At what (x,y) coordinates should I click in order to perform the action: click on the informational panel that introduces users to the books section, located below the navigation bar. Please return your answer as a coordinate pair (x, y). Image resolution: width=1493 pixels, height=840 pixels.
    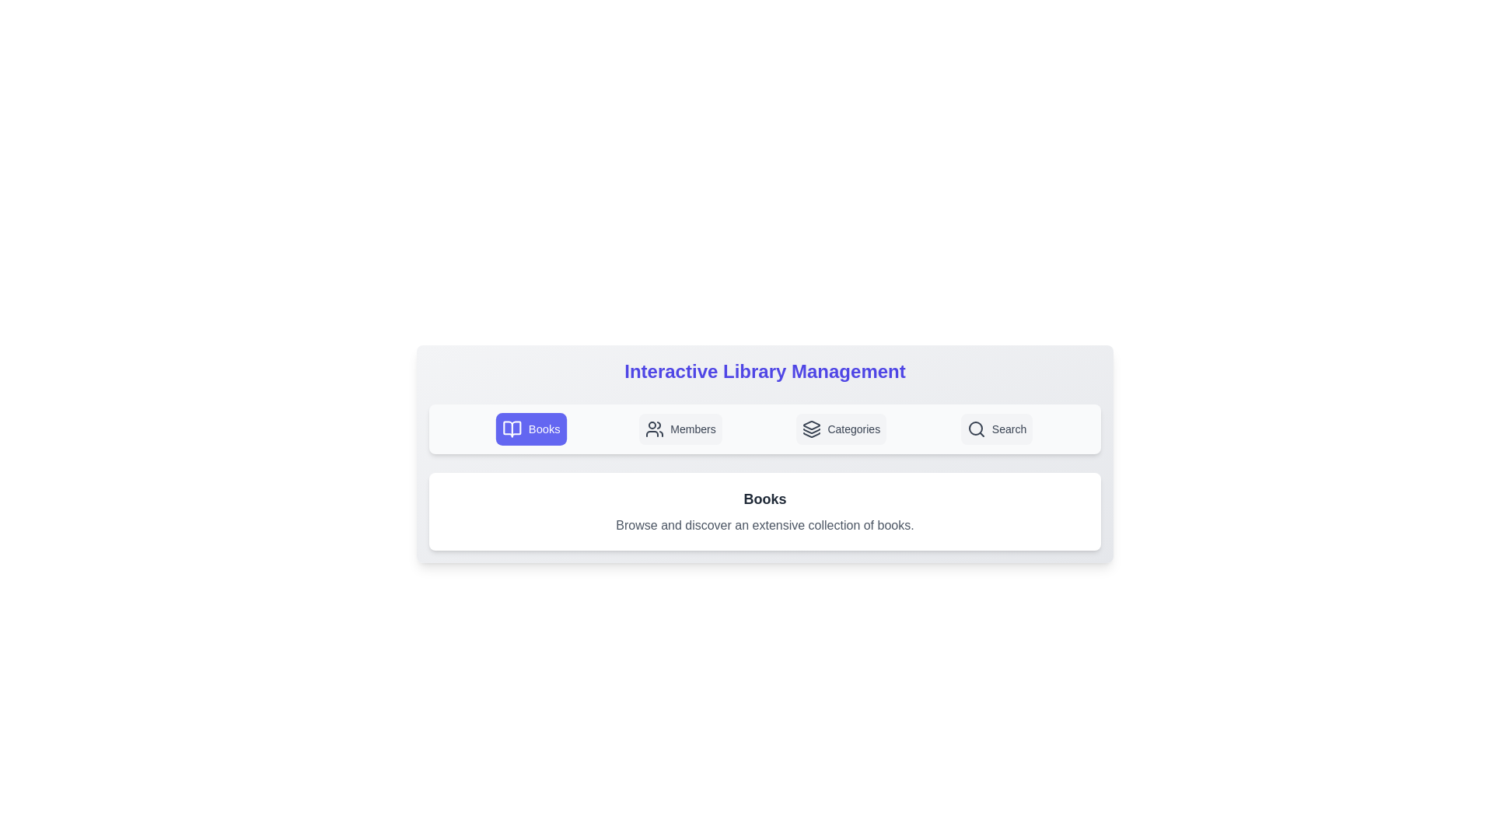
    Looking at the image, I should click on (764, 512).